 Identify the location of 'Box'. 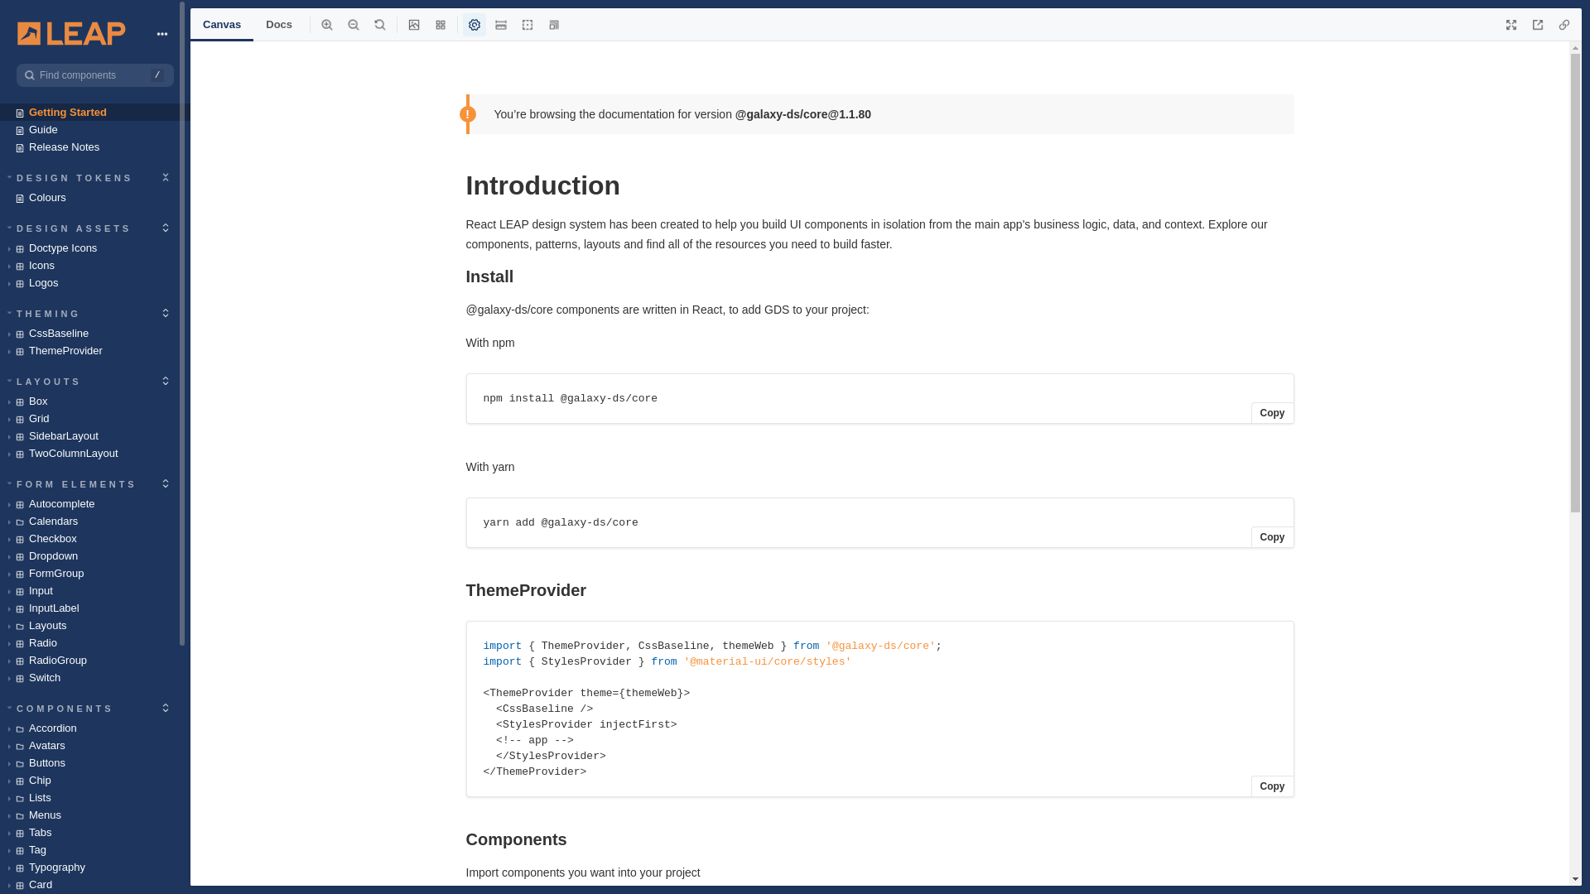
(94, 401).